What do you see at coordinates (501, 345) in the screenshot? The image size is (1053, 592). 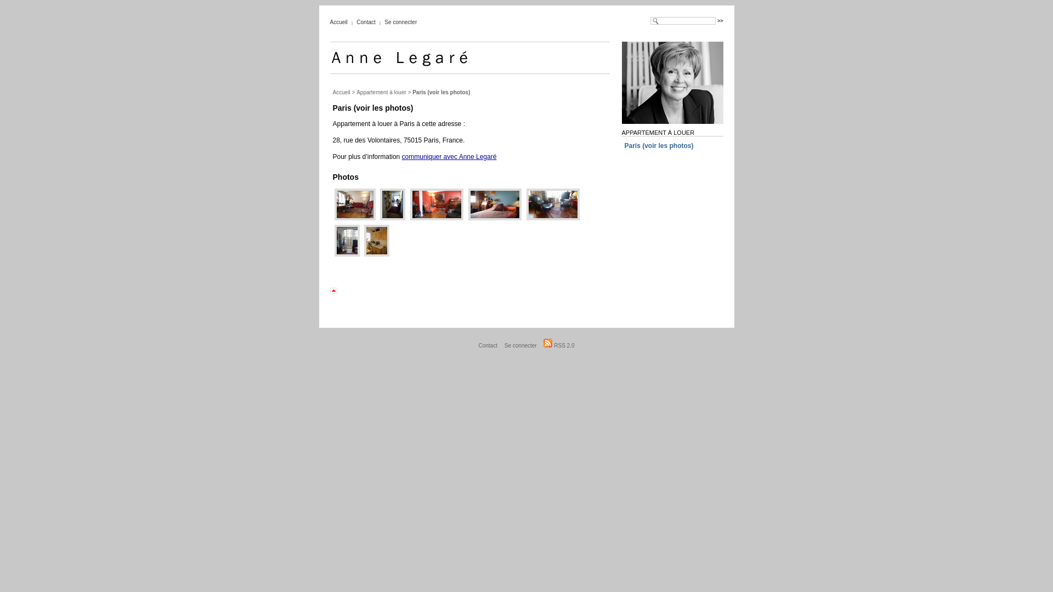 I see `'Se connecter'` at bounding box center [501, 345].